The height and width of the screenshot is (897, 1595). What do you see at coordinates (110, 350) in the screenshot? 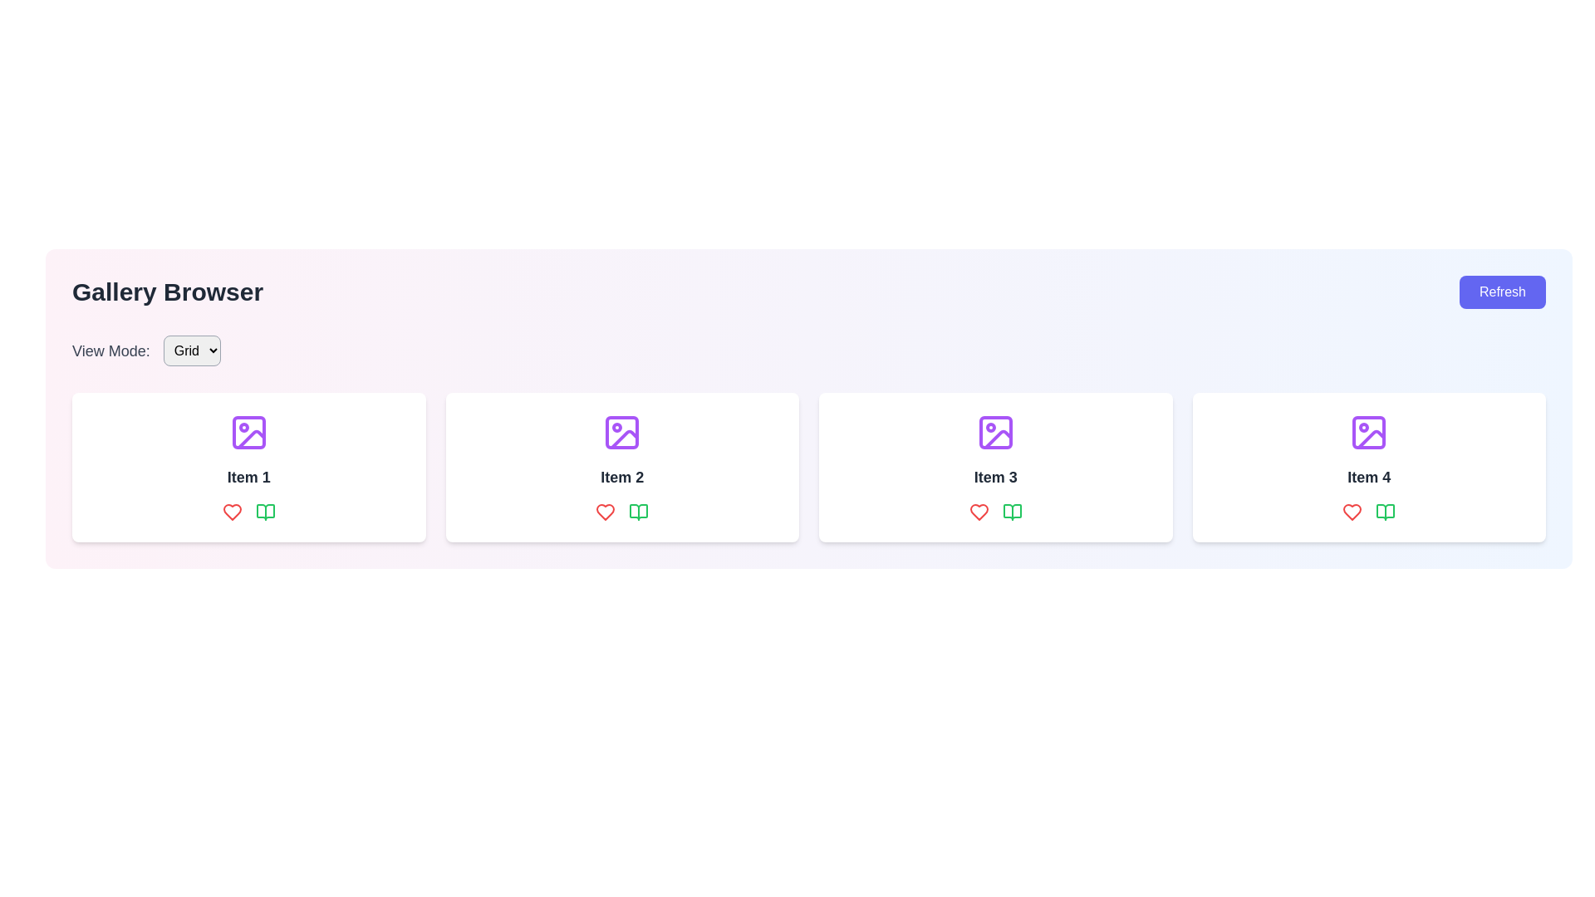
I see `the static text label that indicates the purpose of the related dropdown menu, positioned below 'Gallery Browser' and to the left of the 'Grid/List' dropdown` at bounding box center [110, 350].